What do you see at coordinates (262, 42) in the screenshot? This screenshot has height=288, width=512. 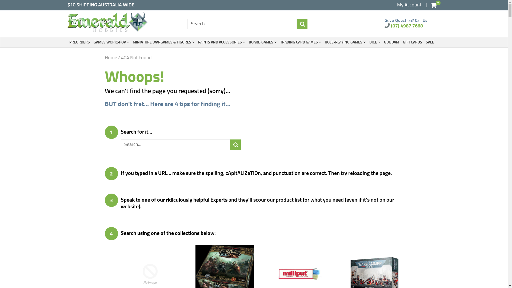 I see `'BOARD GAMES'` at bounding box center [262, 42].